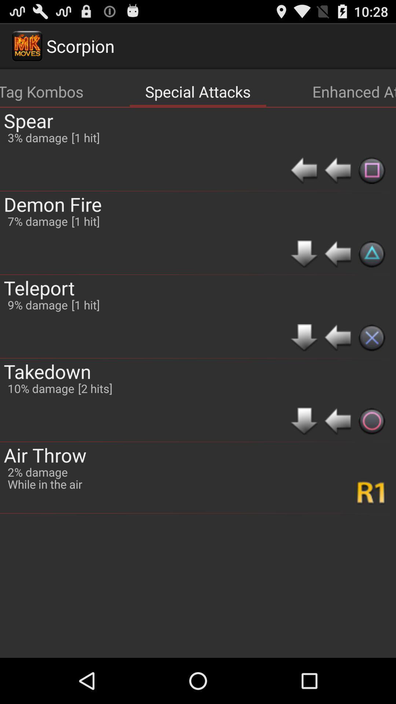 The image size is (396, 704). I want to click on the icon below the 9% damage item, so click(41, 388).